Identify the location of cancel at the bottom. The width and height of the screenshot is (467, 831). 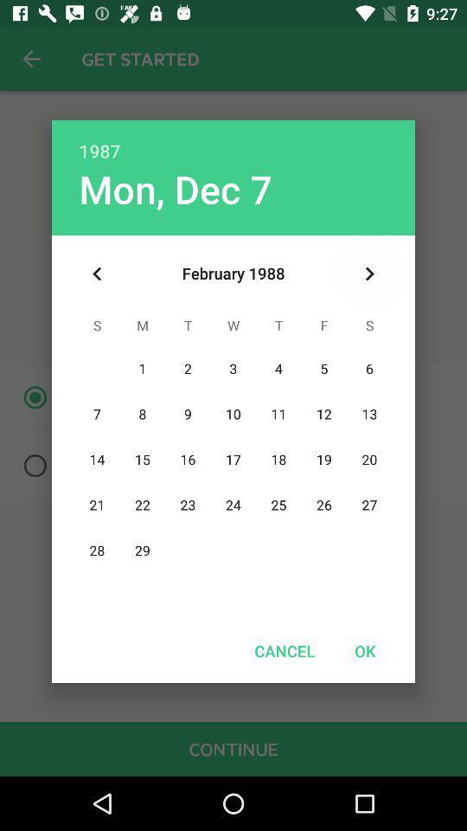
(285, 650).